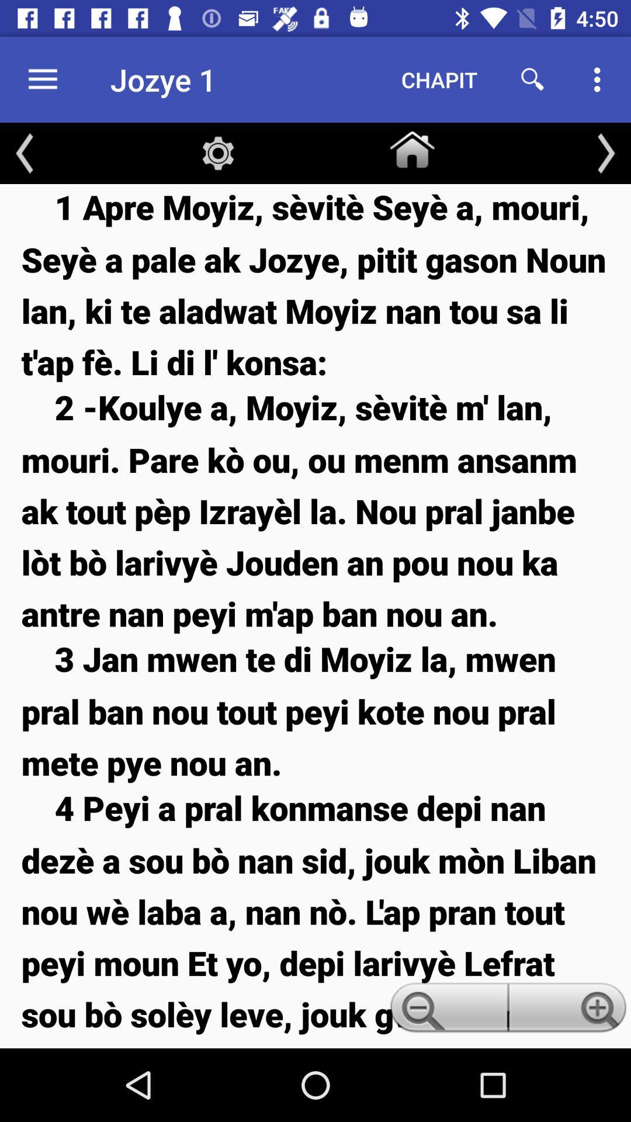 This screenshot has height=1122, width=631. Describe the element at coordinates (605, 153) in the screenshot. I see `the item above the 1 apre moyiz item` at that location.